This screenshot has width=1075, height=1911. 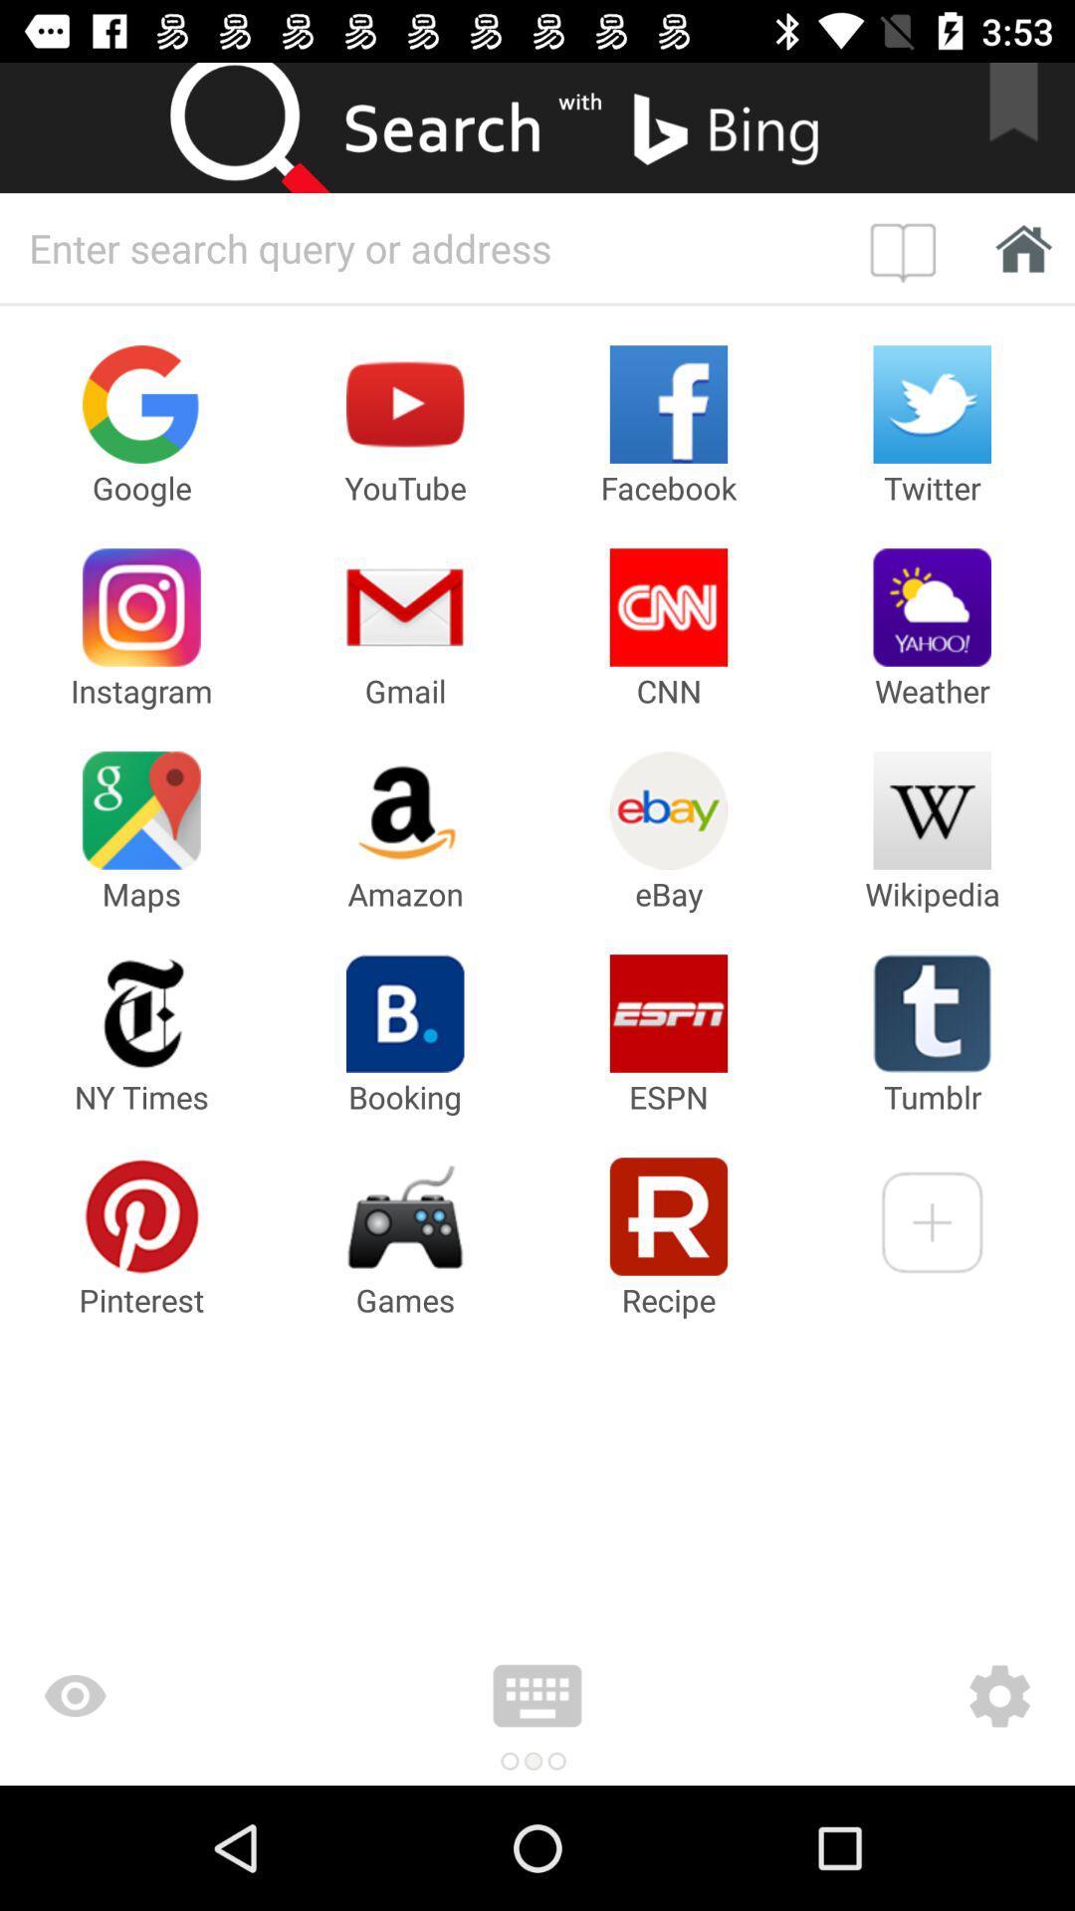 What do you see at coordinates (429, 247) in the screenshot?
I see `type your search` at bounding box center [429, 247].